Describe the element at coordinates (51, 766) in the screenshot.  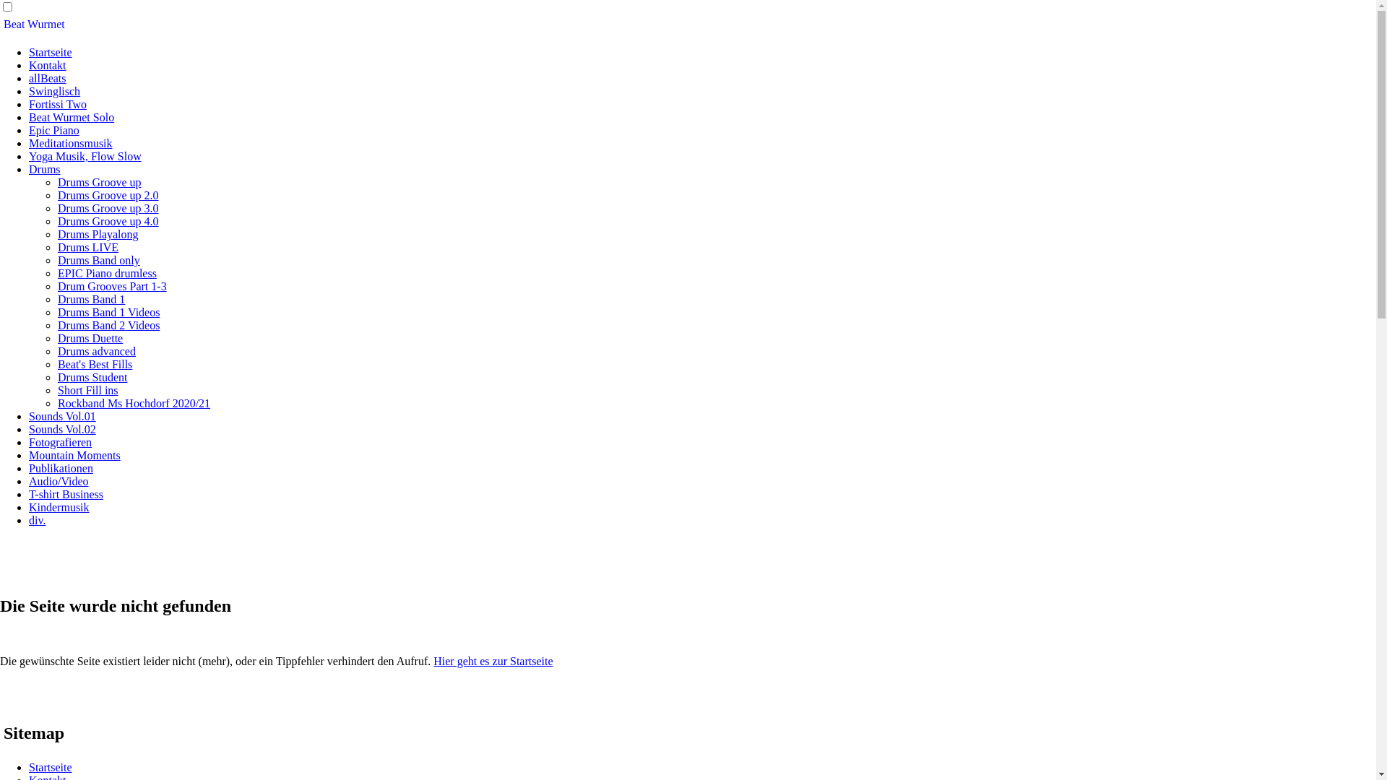
I see `'Startseite'` at that location.